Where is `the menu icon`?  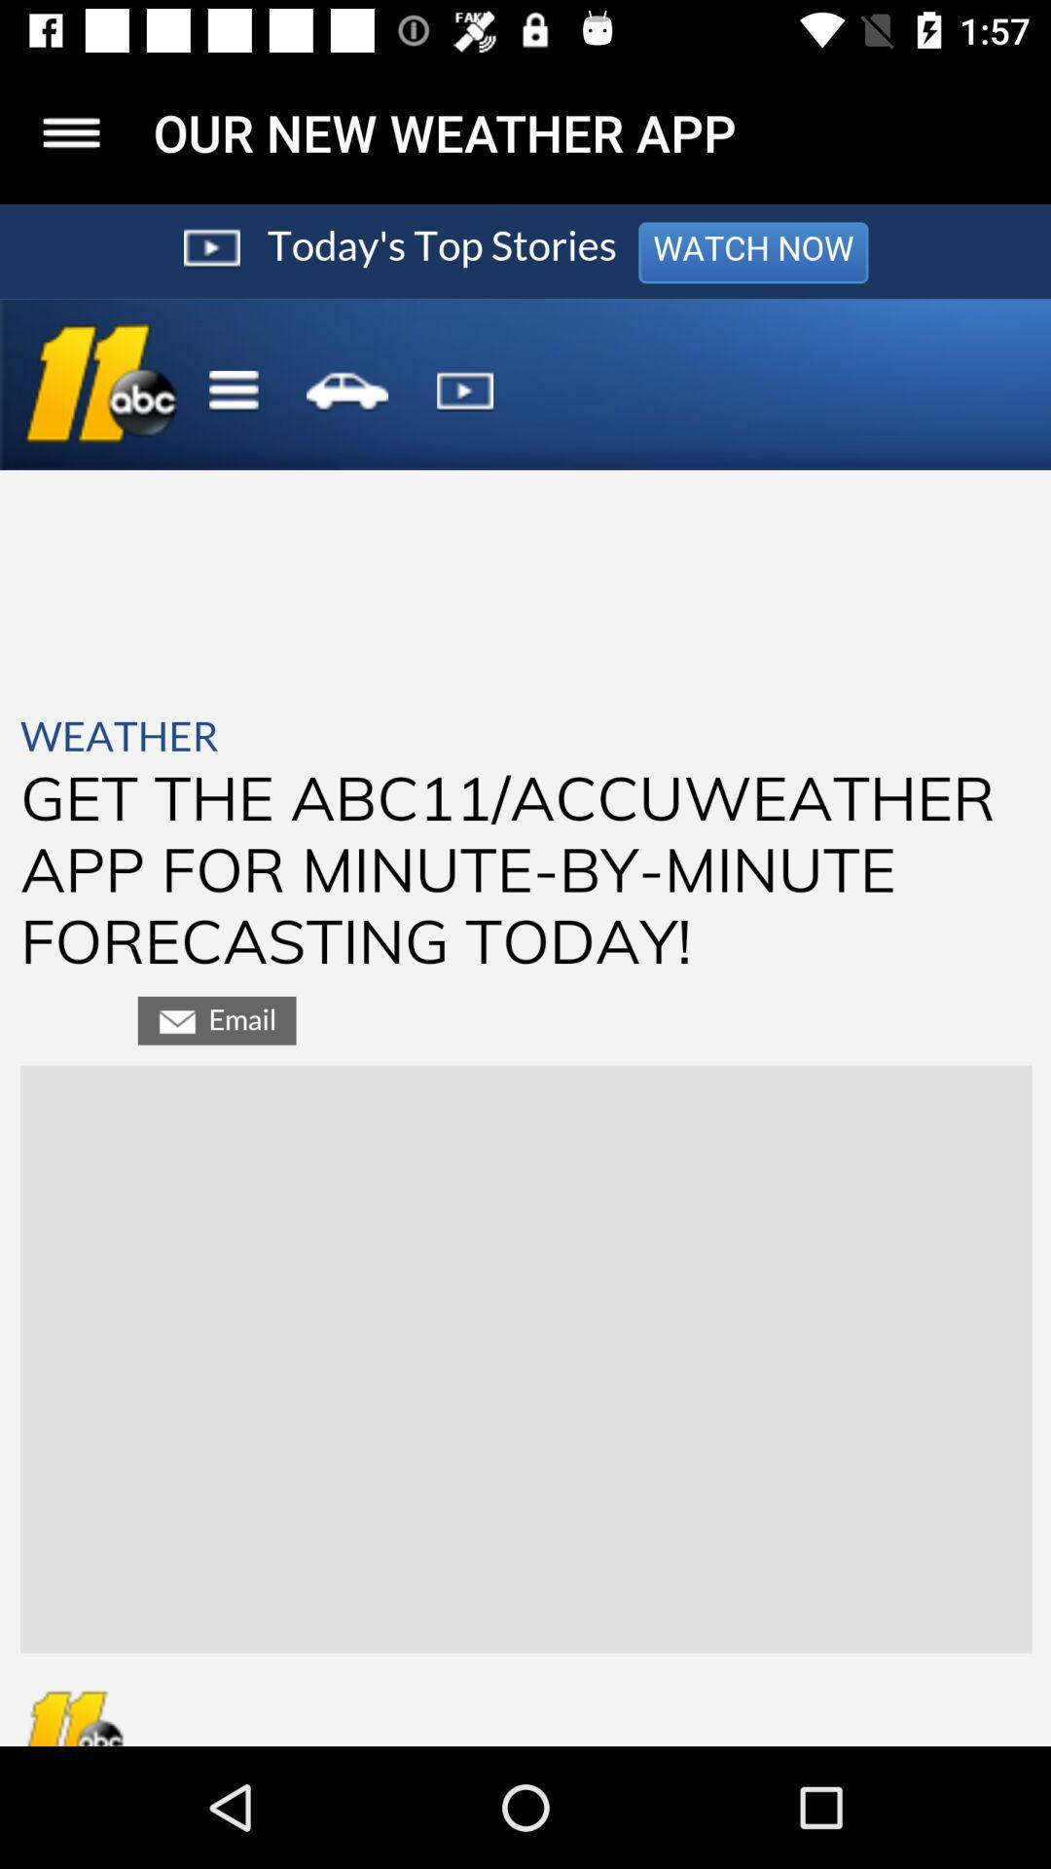
the menu icon is located at coordinates (70, 131).